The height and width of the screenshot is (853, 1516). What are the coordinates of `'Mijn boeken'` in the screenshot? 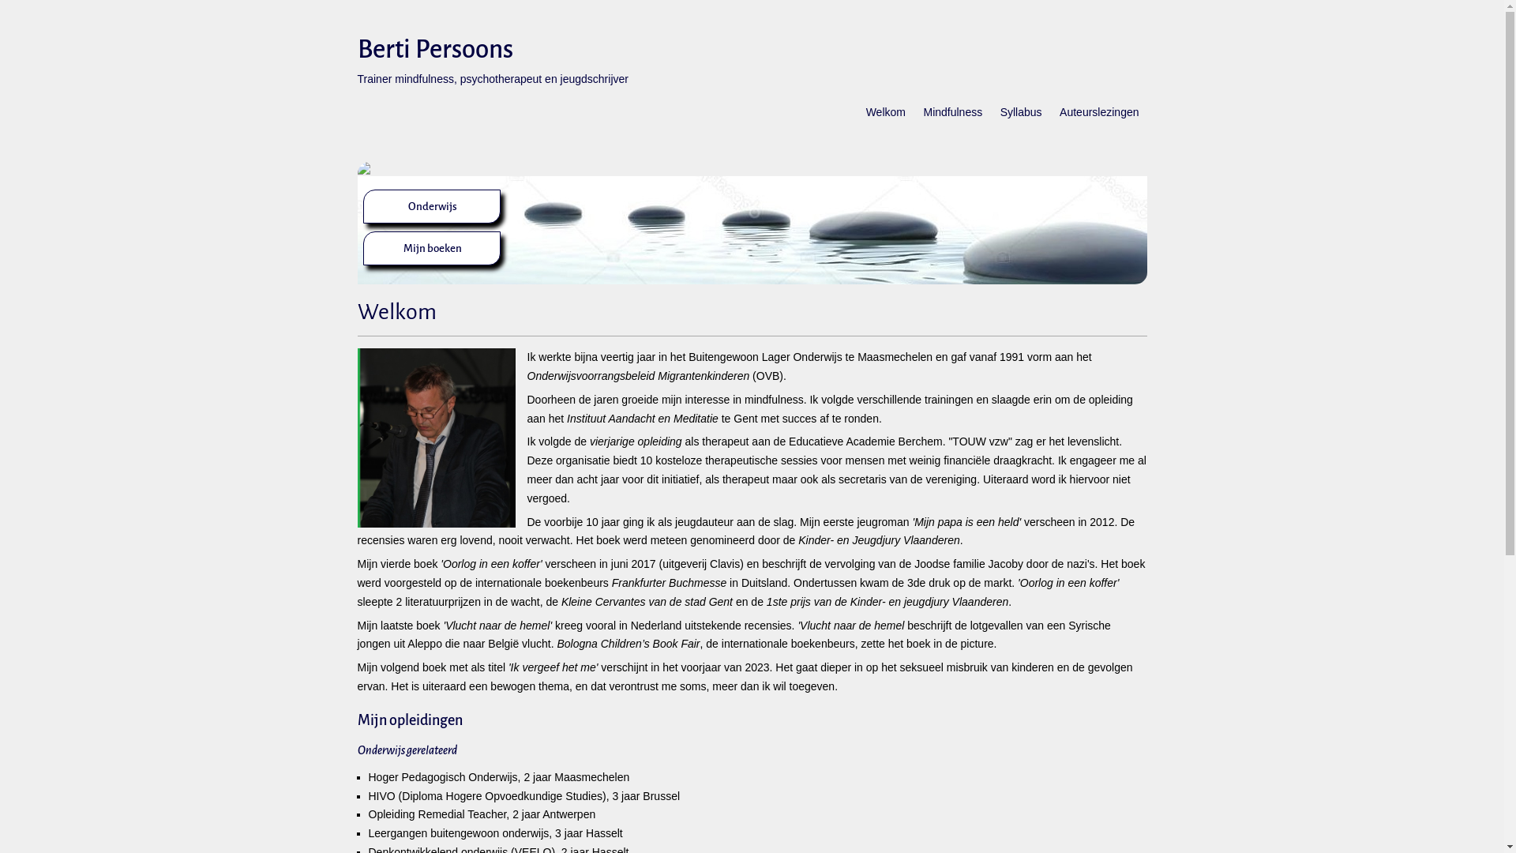 It's located at (432, 248).